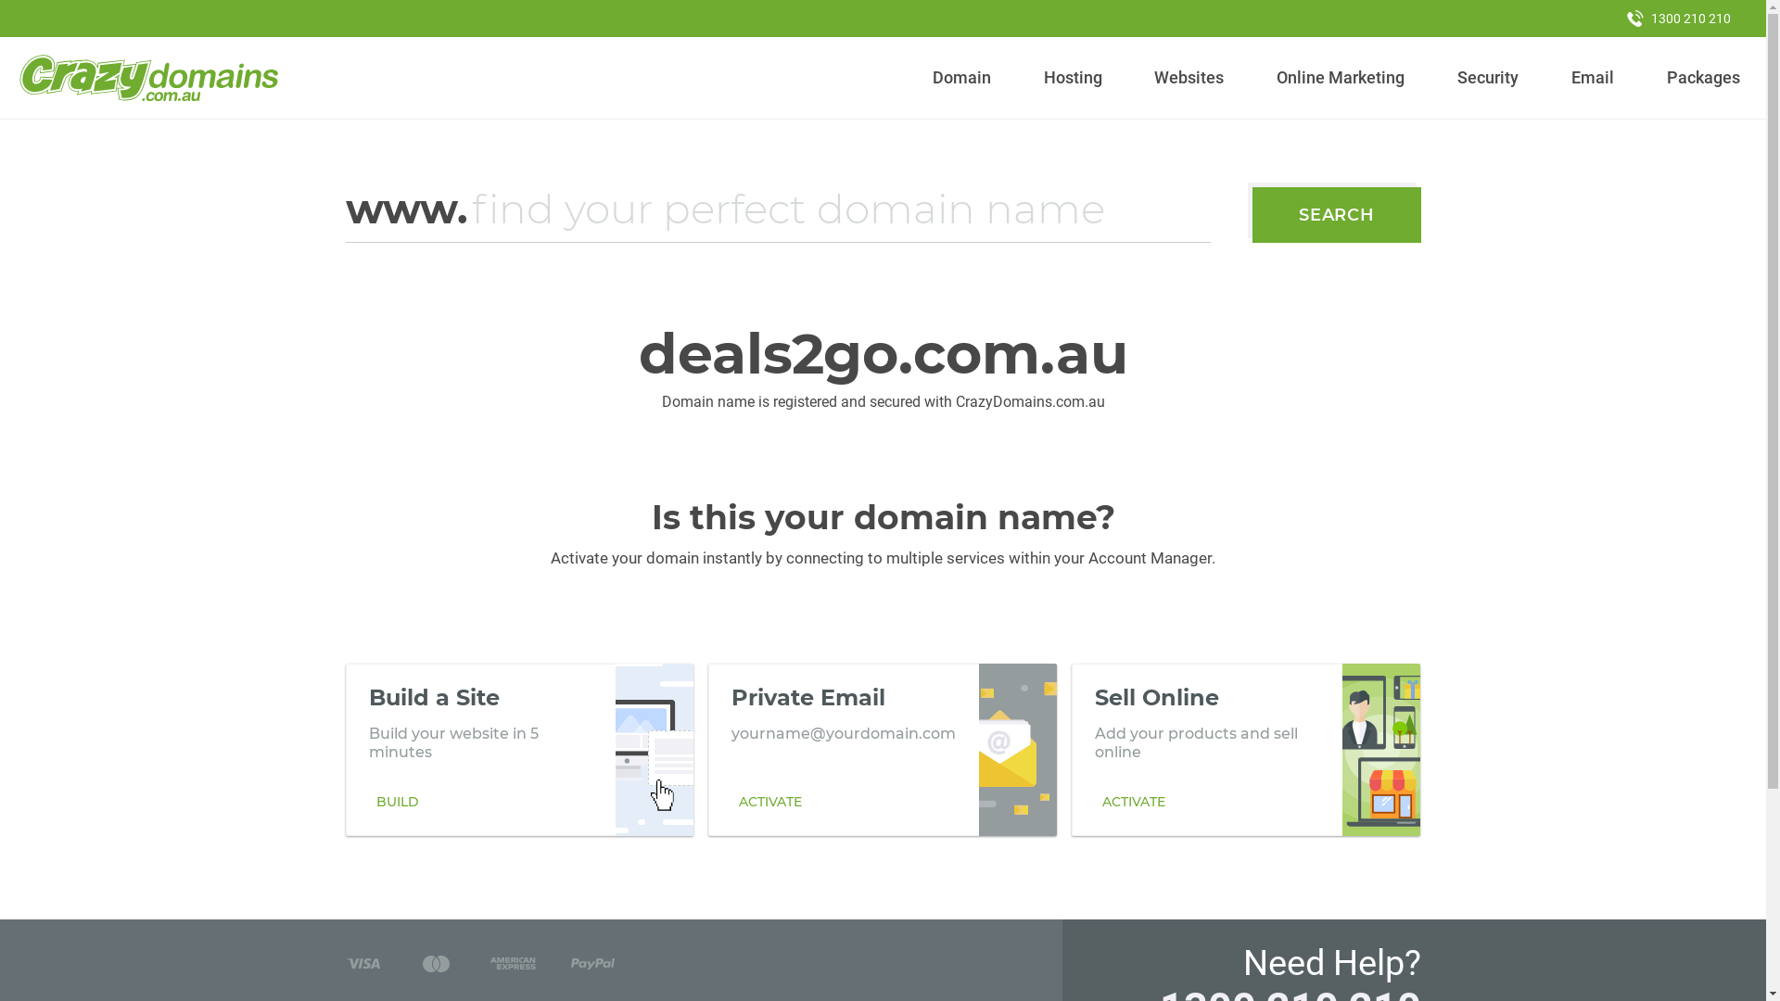 The width and height of the screenshot is (1780, 1001). What do you see at coordinates (1336, 213) in the screenshot?
I see `'SEARCH'` at bounding box center [1336, 213].